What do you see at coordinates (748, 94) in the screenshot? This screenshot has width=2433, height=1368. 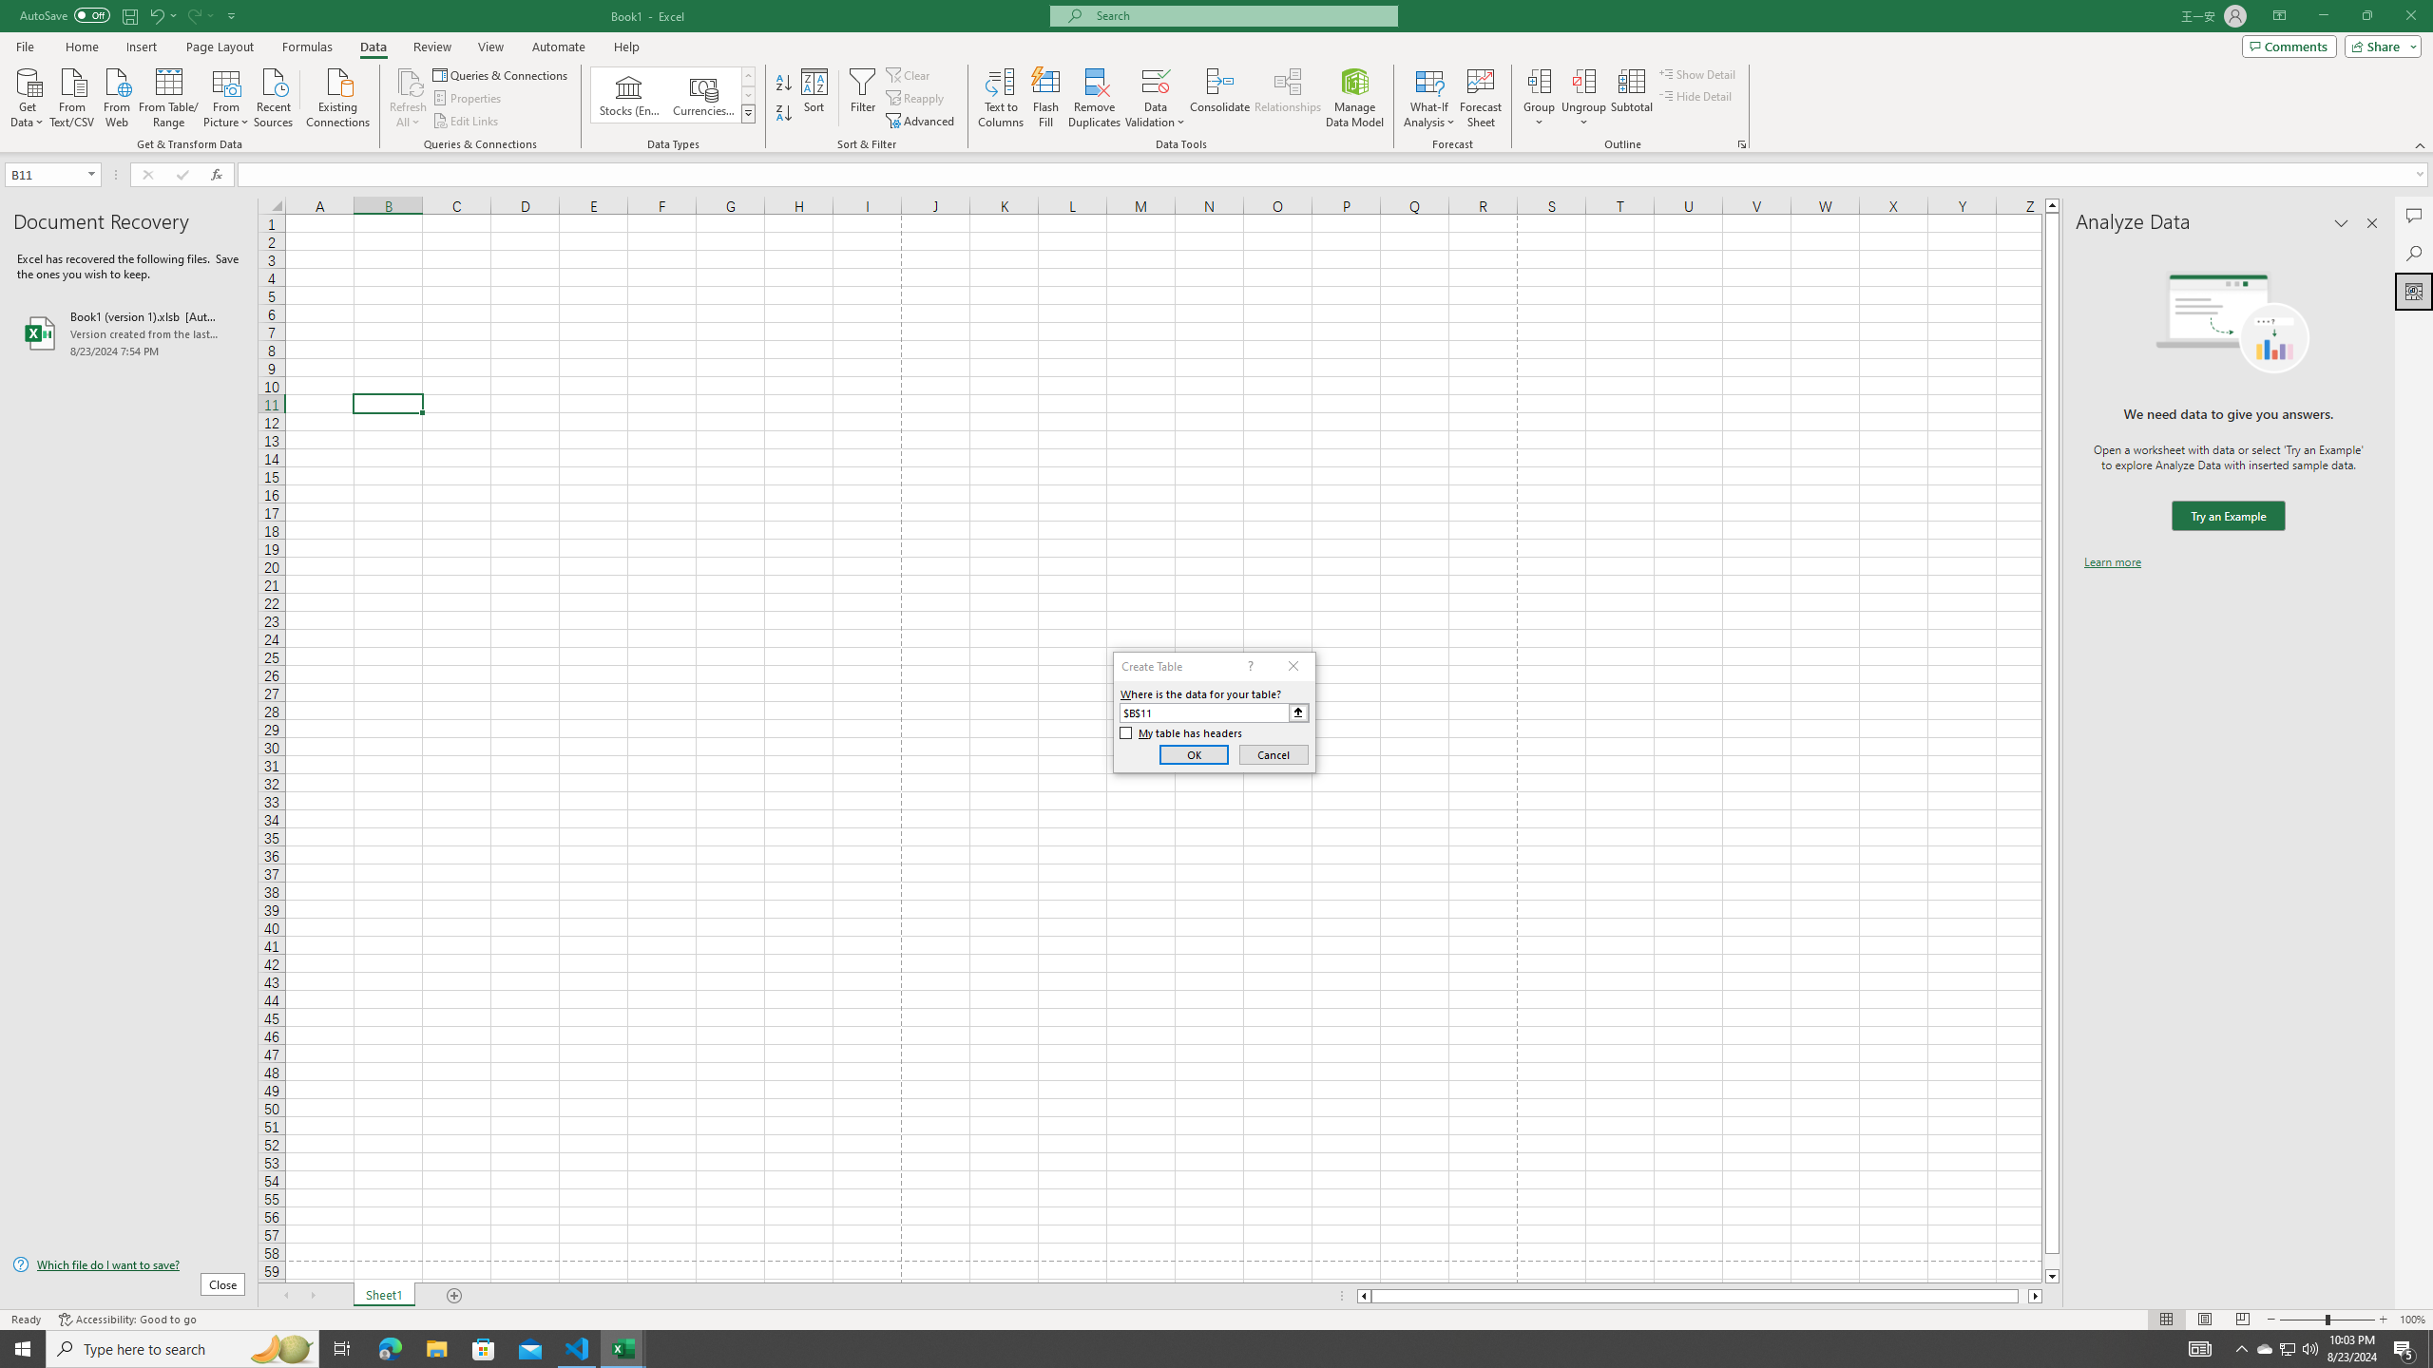 I see `'Row Down'` at bounding box center [748, 94].